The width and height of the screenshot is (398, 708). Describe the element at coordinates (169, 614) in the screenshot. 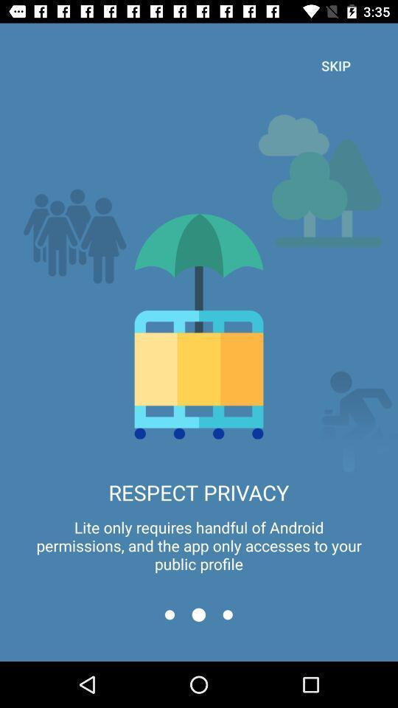

I see `go back` at that location.